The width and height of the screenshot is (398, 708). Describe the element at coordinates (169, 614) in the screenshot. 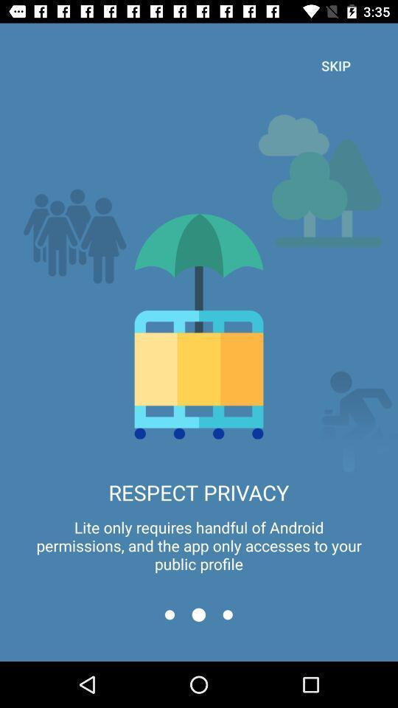

I see `go back` at that location.